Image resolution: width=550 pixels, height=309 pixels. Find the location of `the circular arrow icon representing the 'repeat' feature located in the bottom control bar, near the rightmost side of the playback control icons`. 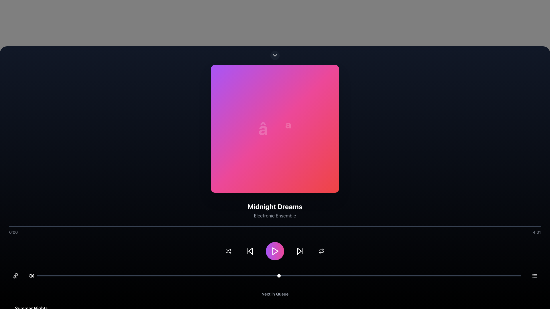

the circular arrow icon representing the 'repeat' feature located in the bottom control bar, near the rightmost side of the playback control icons is located at coordinates (321, 251).